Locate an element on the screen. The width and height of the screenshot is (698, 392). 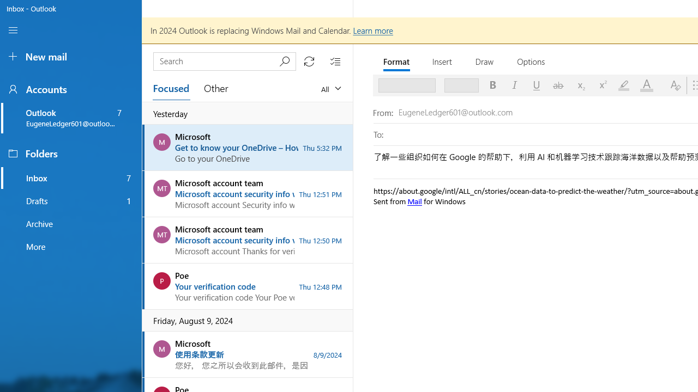
'Font Size' is located at coordinates (458, 84).